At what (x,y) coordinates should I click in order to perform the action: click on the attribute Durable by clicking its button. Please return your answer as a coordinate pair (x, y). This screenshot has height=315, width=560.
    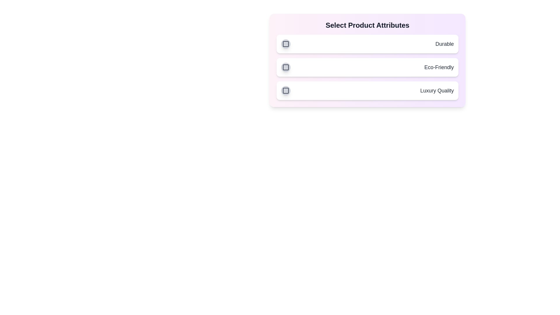
    Looking at the image, I should click on (286, 43).